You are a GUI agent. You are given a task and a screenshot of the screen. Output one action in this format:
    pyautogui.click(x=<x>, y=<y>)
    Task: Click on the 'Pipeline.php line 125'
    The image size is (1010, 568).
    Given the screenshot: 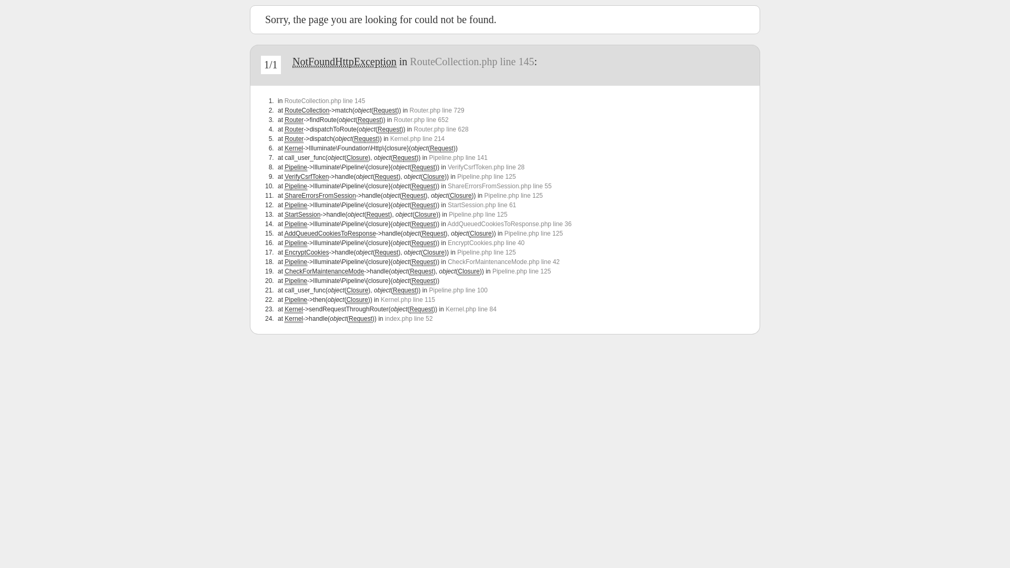 What is the action you would take?
    pyautogui.click(x=486, y=252)
    